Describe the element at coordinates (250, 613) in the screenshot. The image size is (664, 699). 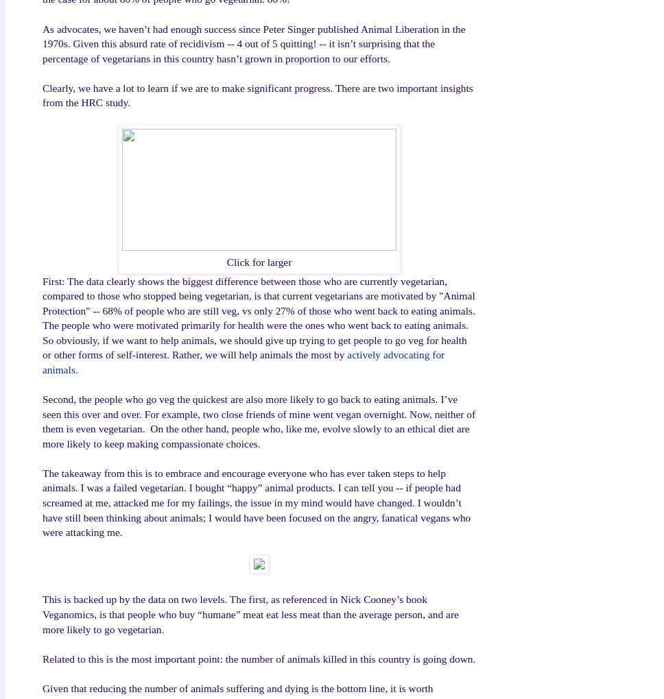
I see `'This is backed up by the data on two levels. The first, as referenced in Nick Cooney’s book Veganomics, is that people who buy “humane” meat eat less meat than the average person, and are more likely to go vegetarian.'` at that location.